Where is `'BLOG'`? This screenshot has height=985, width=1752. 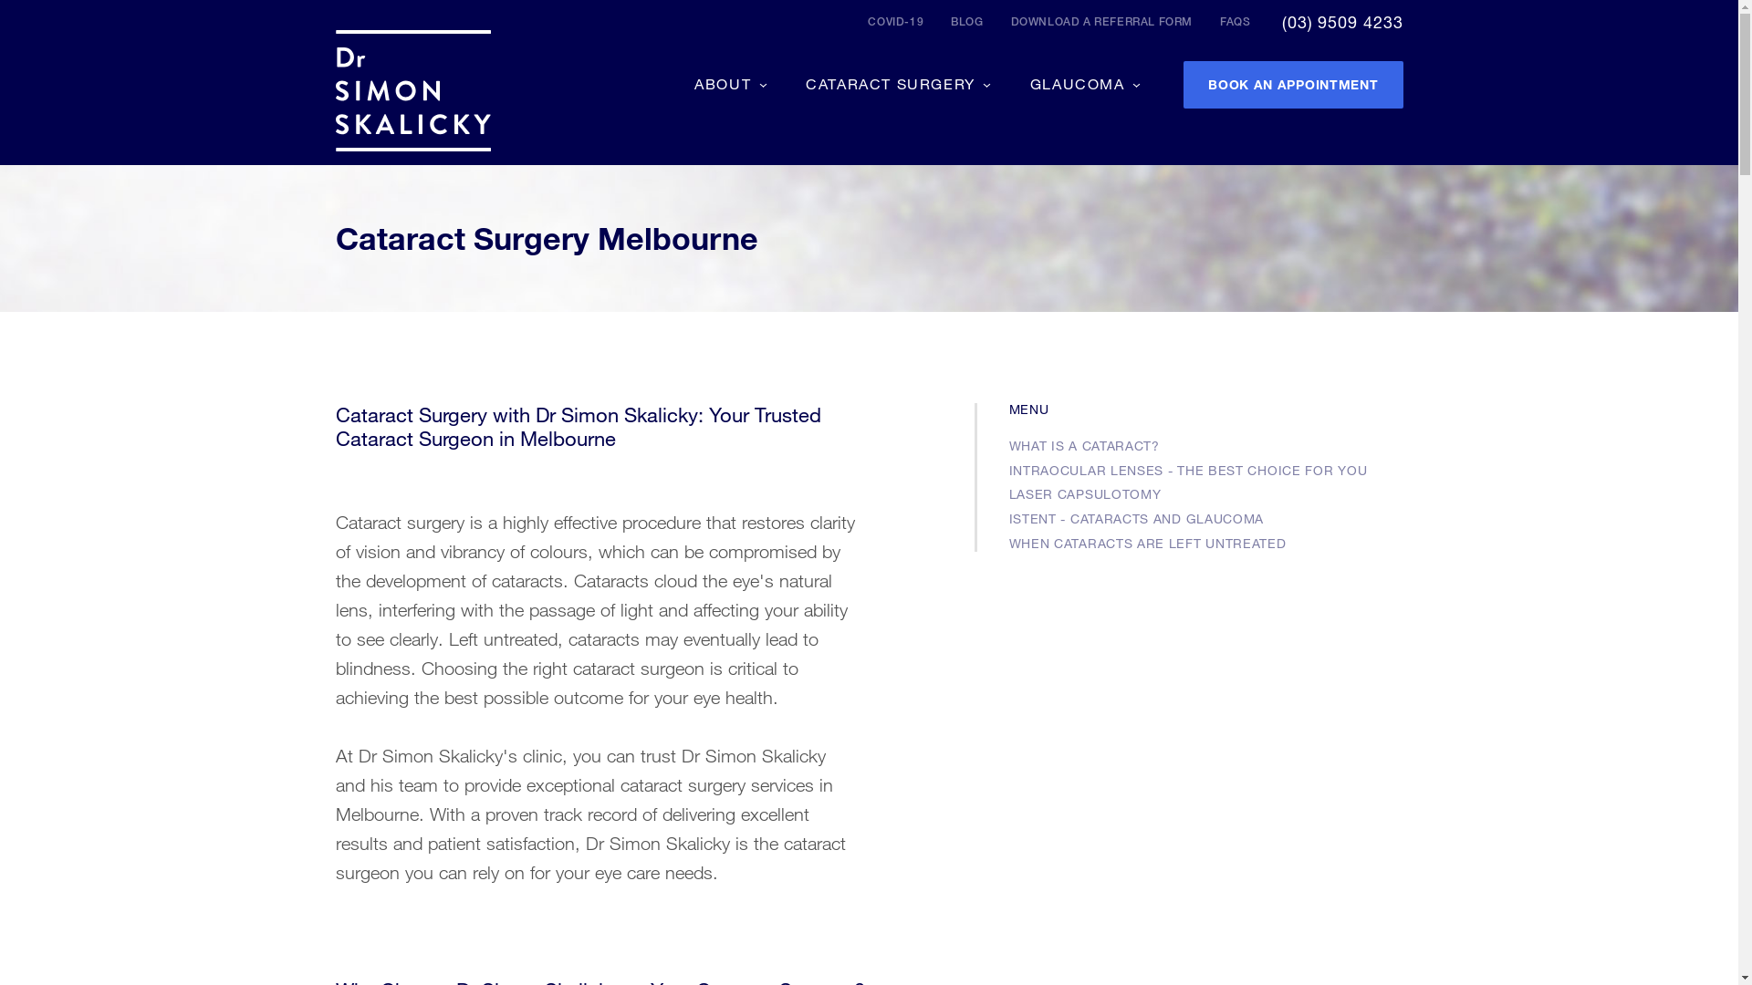
'BLOG' is located at coordinates (965, 21).